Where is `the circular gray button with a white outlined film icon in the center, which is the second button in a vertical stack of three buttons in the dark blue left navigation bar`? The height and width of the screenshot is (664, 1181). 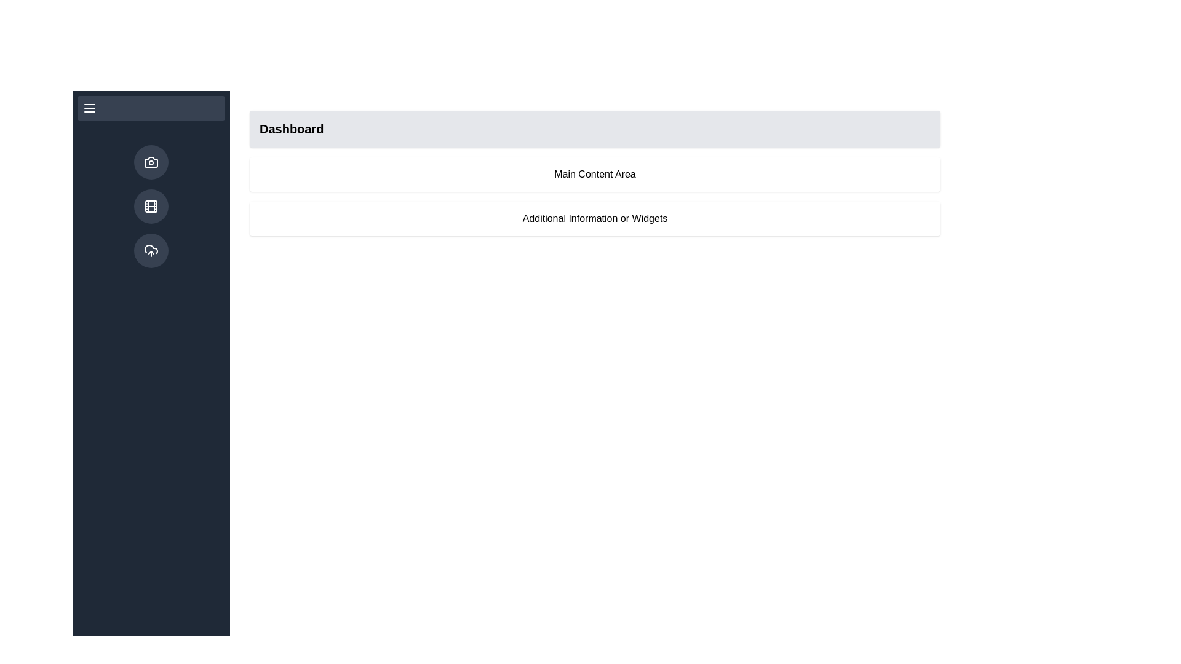 the circular gray button with a white outlined film icon in the center, which is the second button in a vertical stack of three buttons in the dark blue left navigation bar is located at coordinates (150, 205).